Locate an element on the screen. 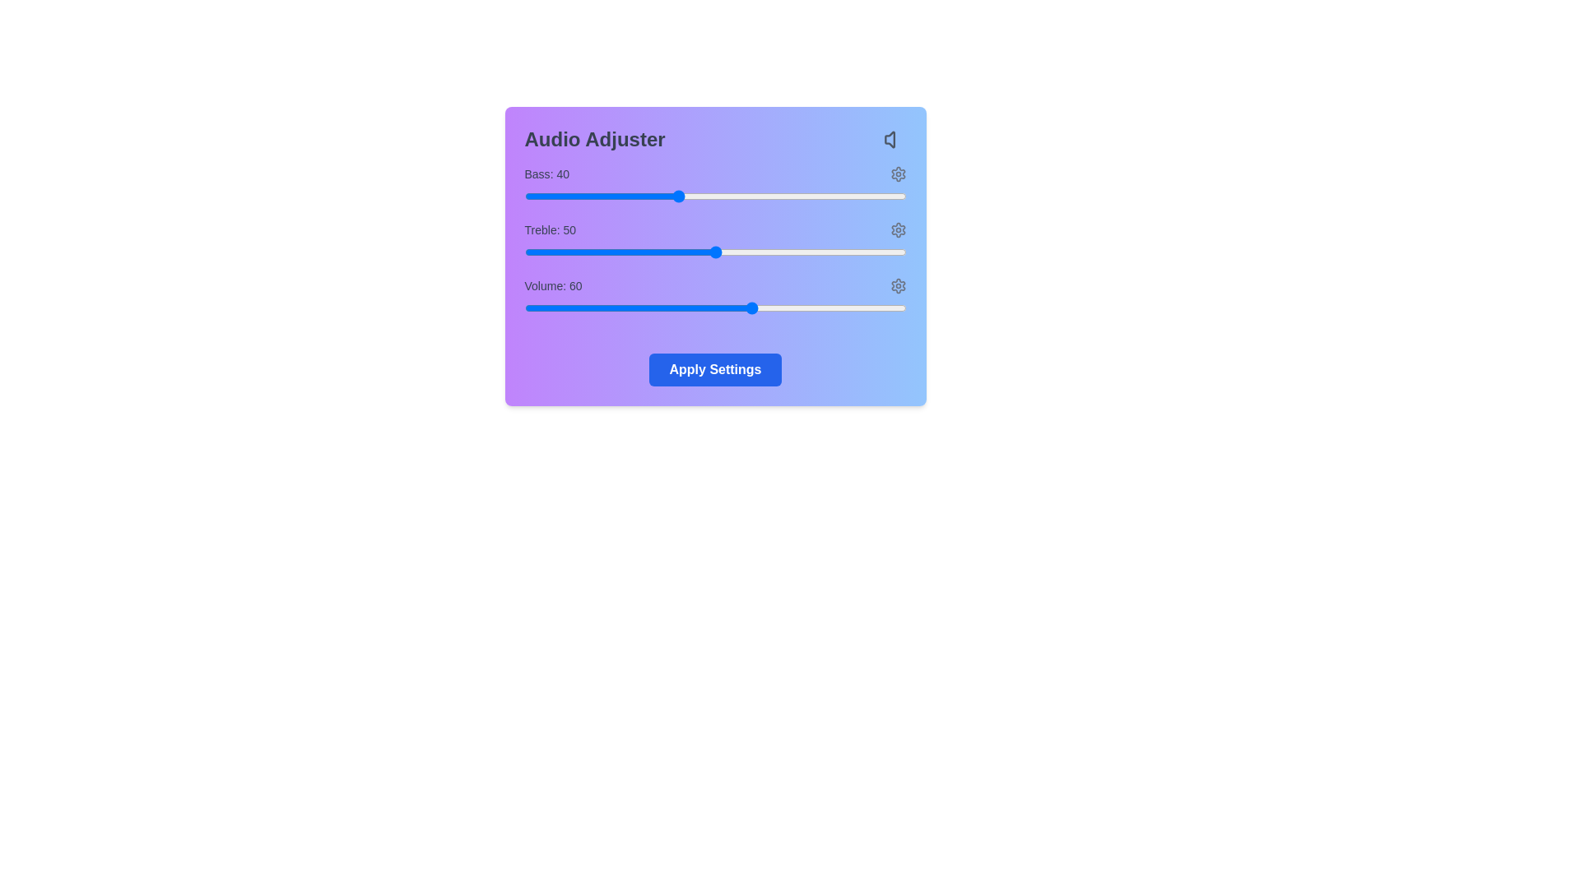 The image size is (1580, 888). volume level is located at coordinates (829, 308).